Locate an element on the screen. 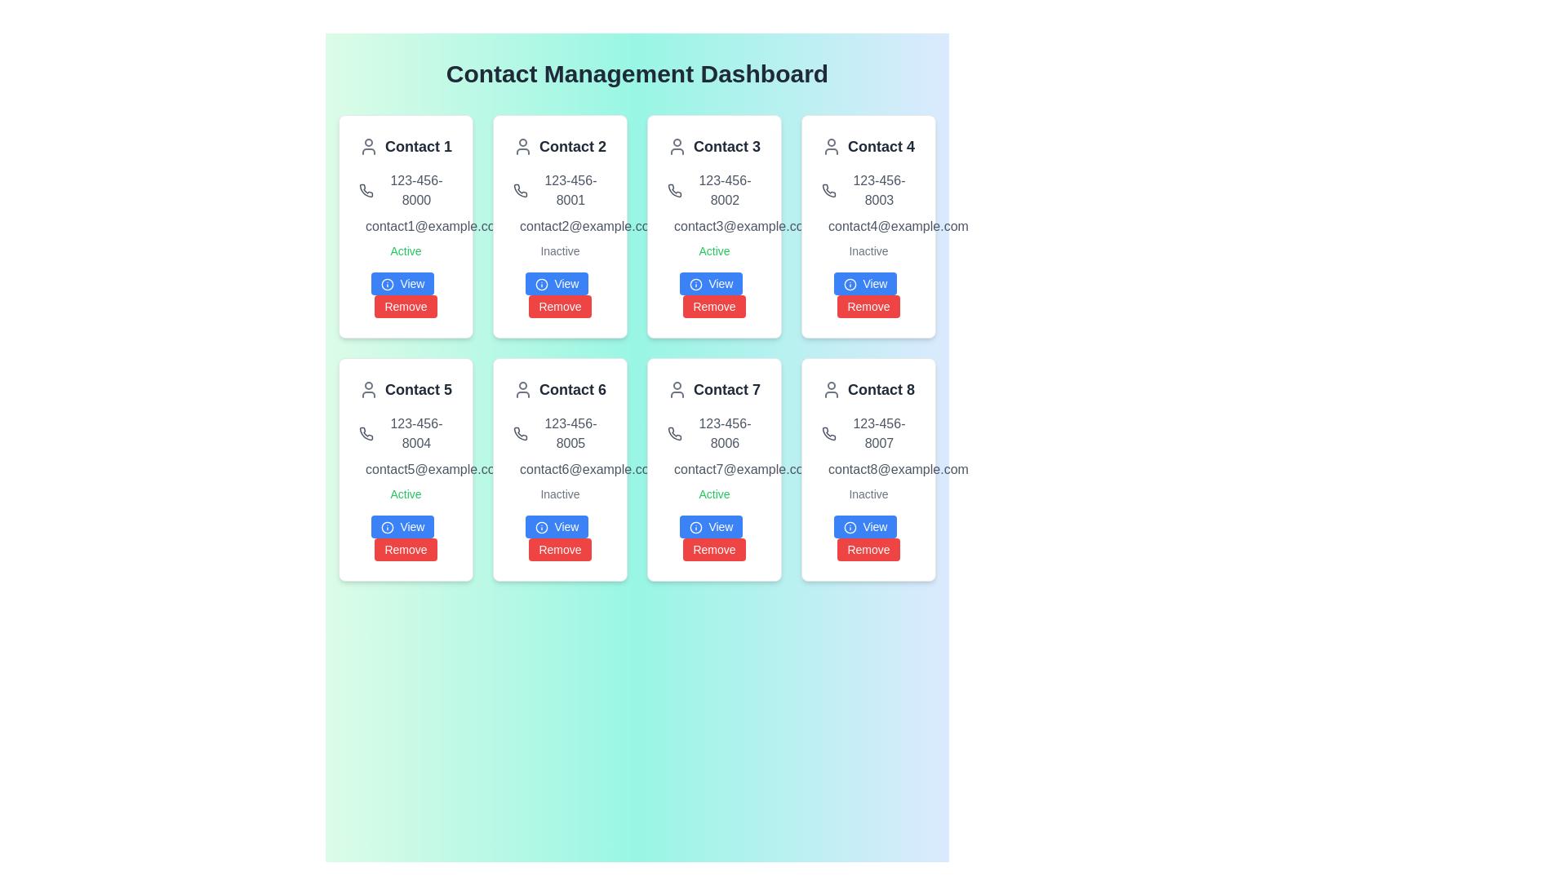 The image size is (1567, 881). the text label displaying 'Contact 5' which is located at the top of the second row in the grid of contact cards, featuring a user icon on its left is located at coordinates (406, 390).